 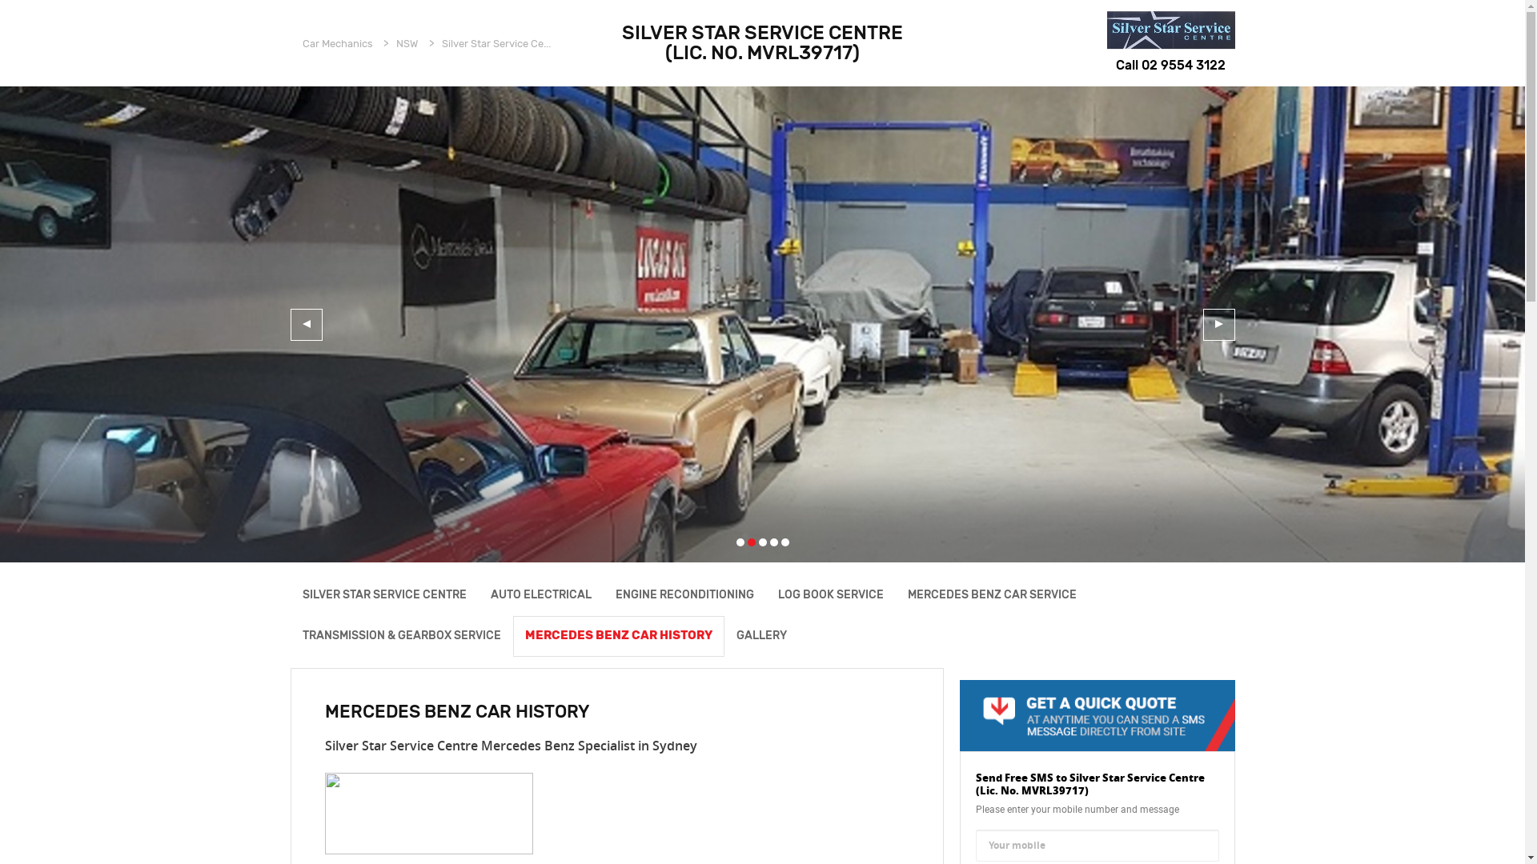 I want to click on 'SILVER STAR SERVICE CENTRE', so click(x=383, y=595).